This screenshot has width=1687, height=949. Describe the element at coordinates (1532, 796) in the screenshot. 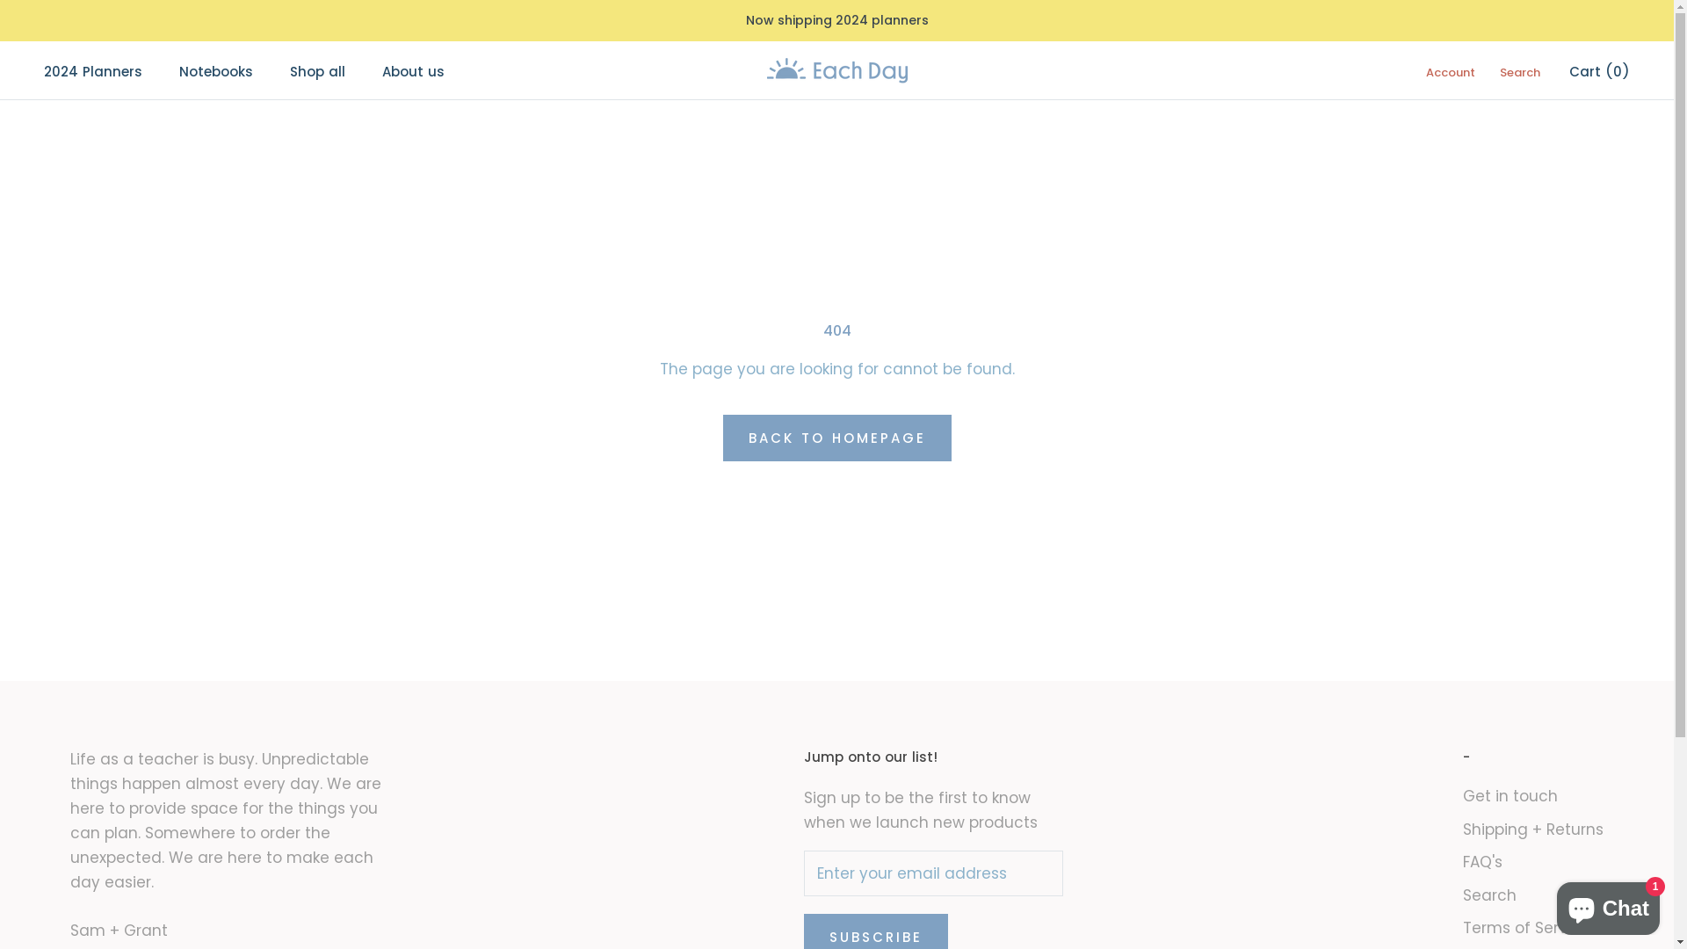

I see `'Get in touch'` at that location.